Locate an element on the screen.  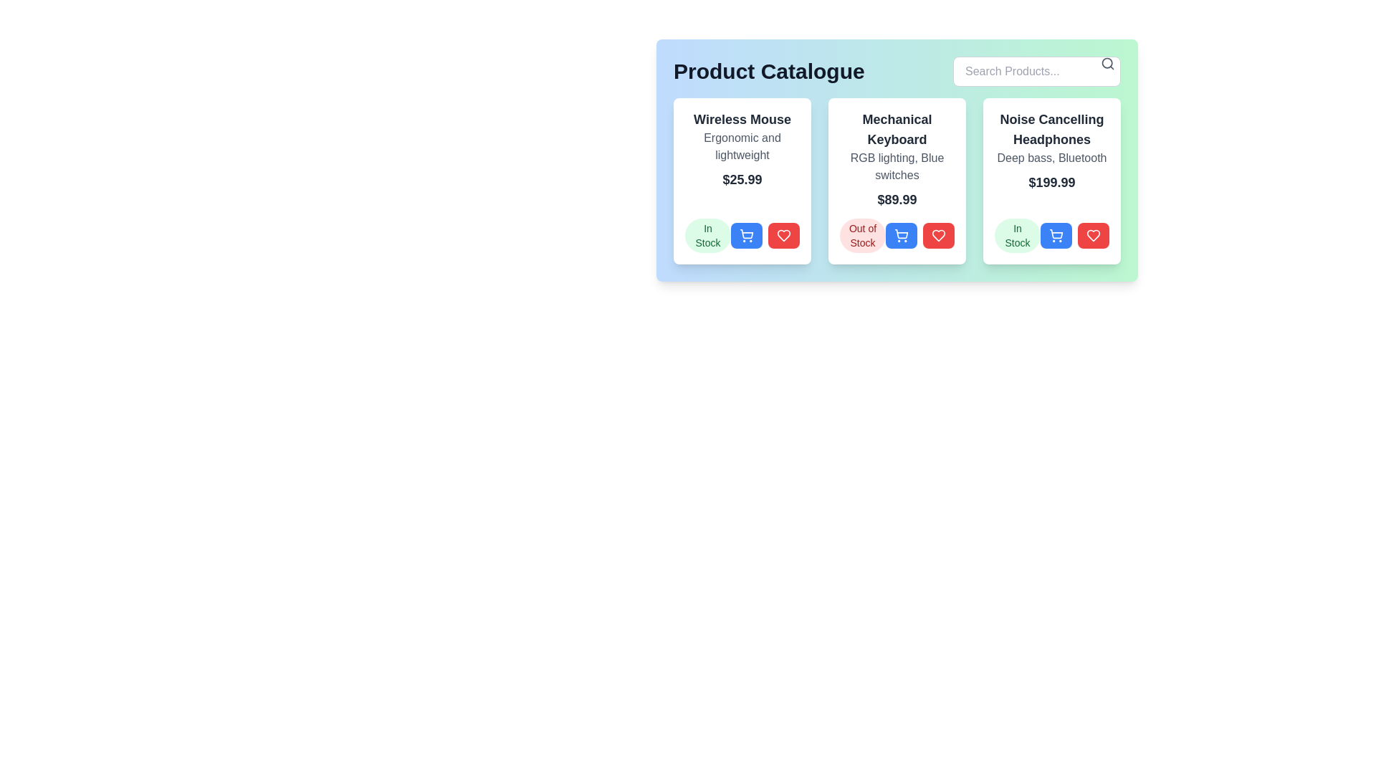
the label indicating that the 'Mechanical Keyboard' is not currently available for purchase, located in the bottom-left corner of the second product card in the horizontal product carousel is located at coordinates (862, 234).